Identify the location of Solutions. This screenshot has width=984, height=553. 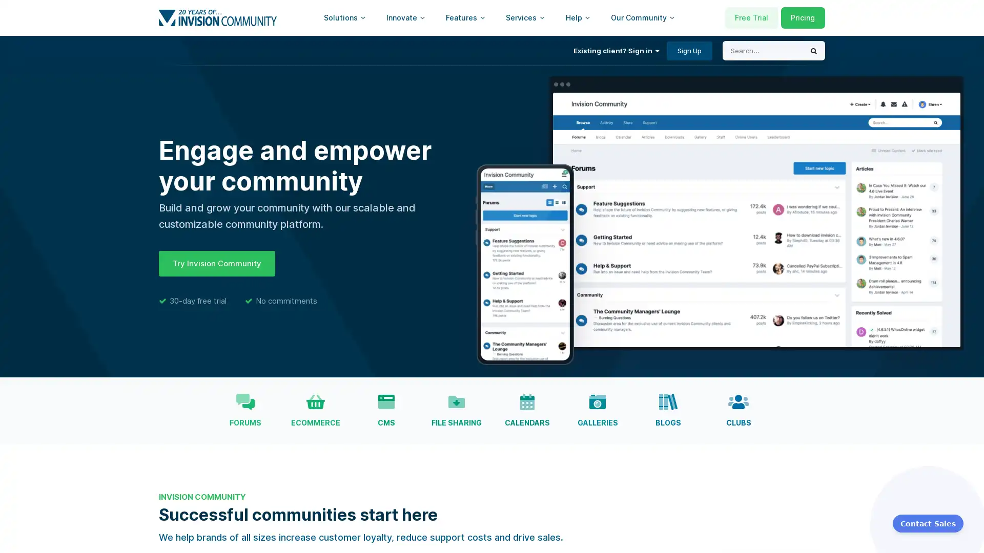
(344, 17).